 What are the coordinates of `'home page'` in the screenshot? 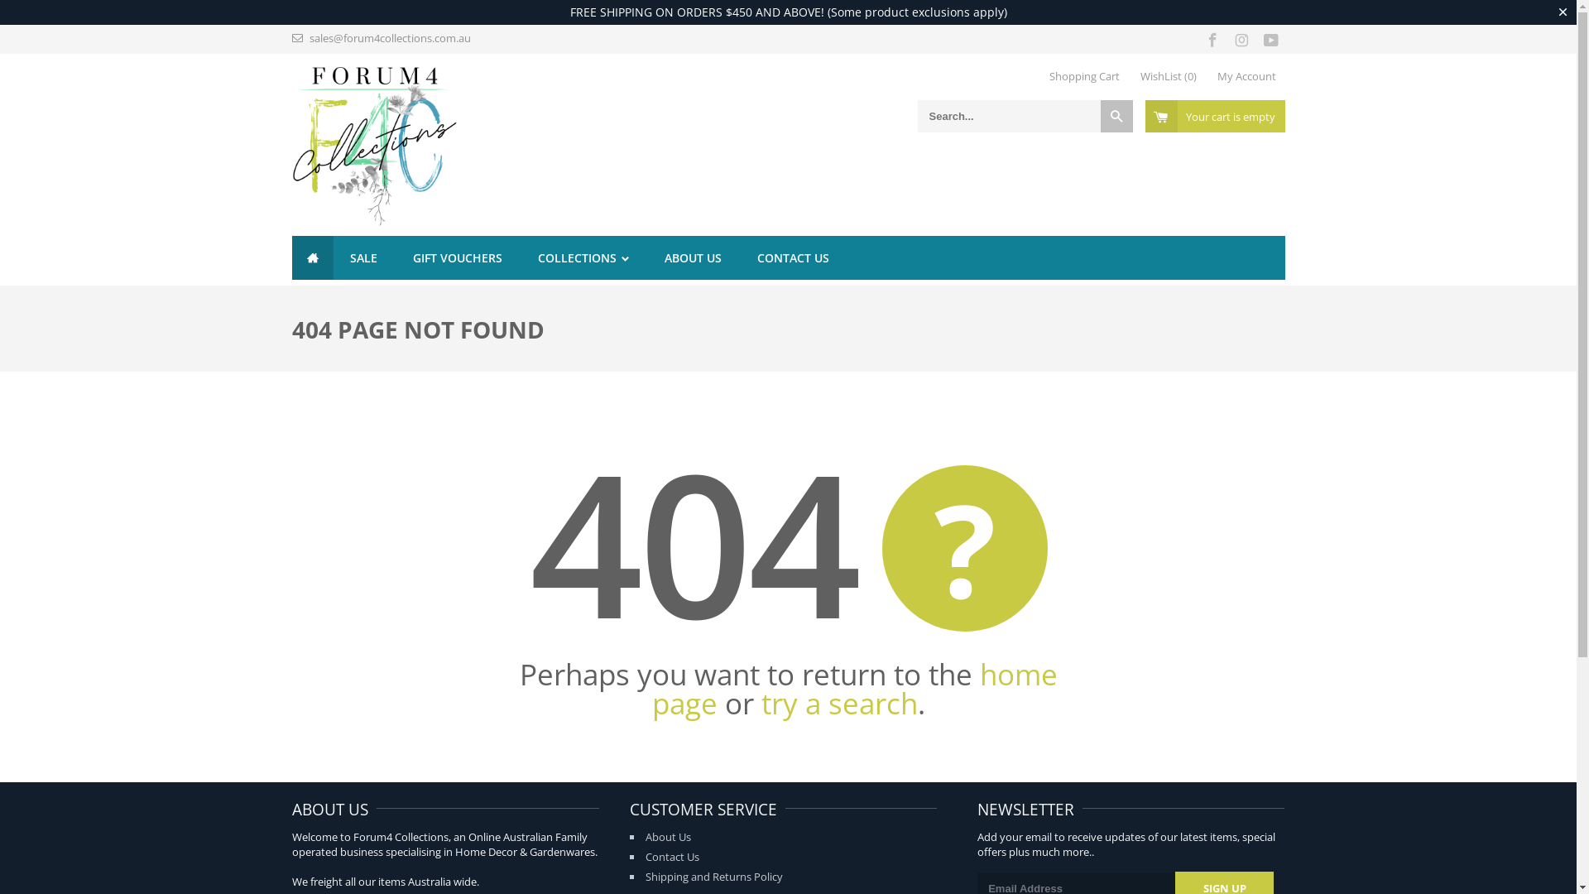 It's located at (854, 689).